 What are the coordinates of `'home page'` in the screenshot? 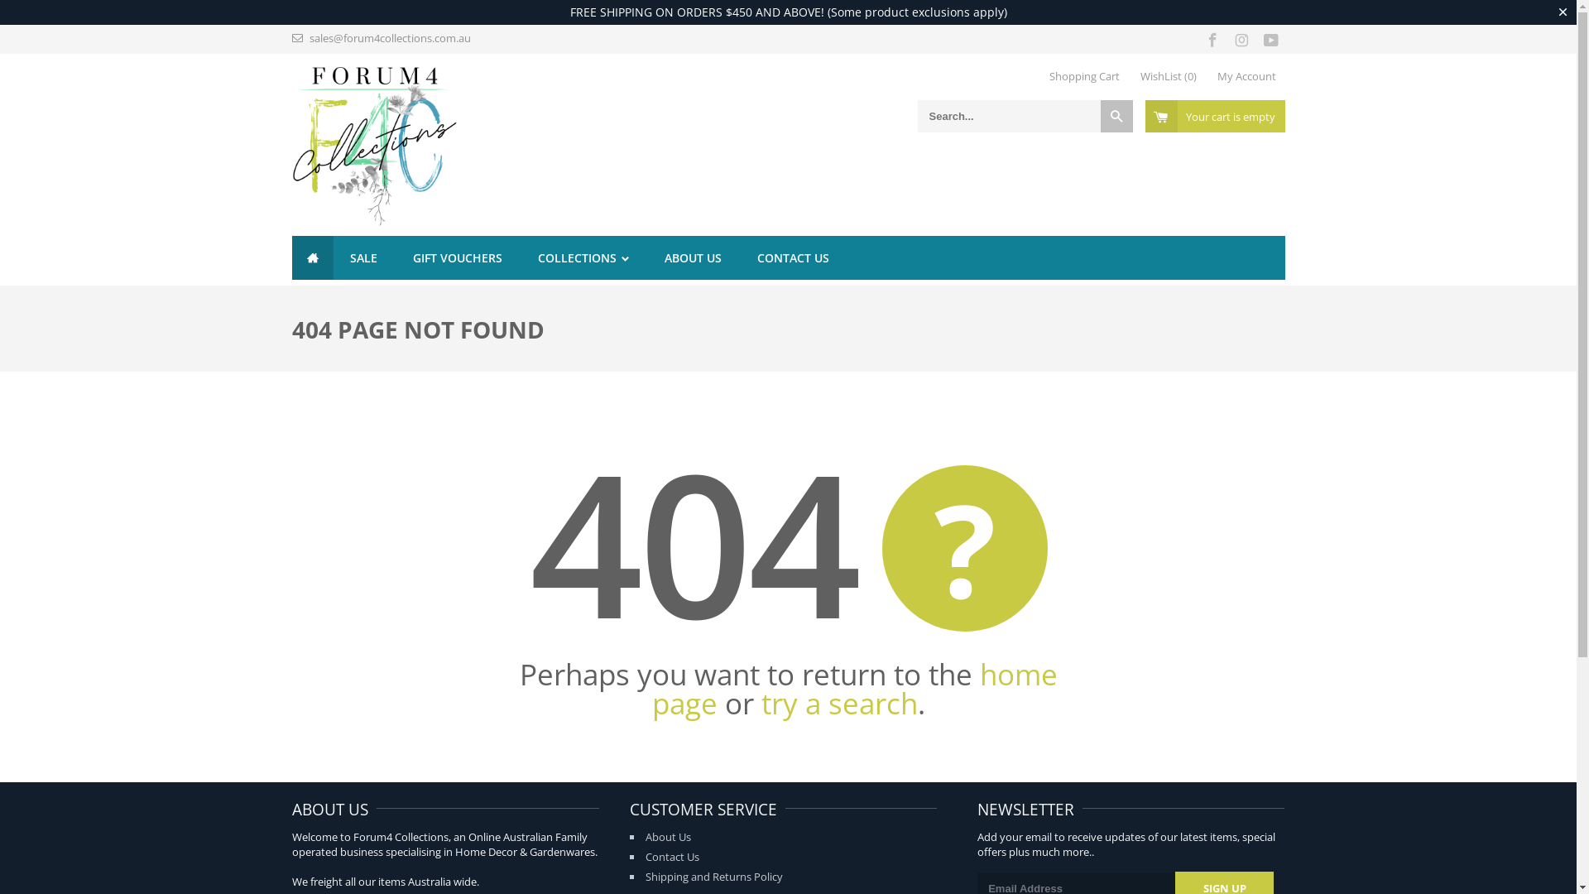 It's located at (854, 689).